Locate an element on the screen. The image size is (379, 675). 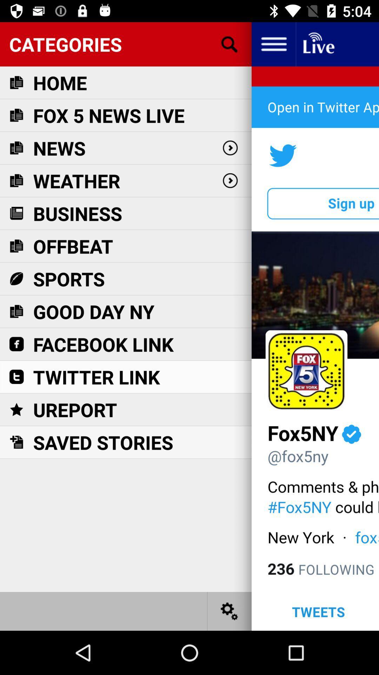
the icon below news is located at coordinates (77, 181).